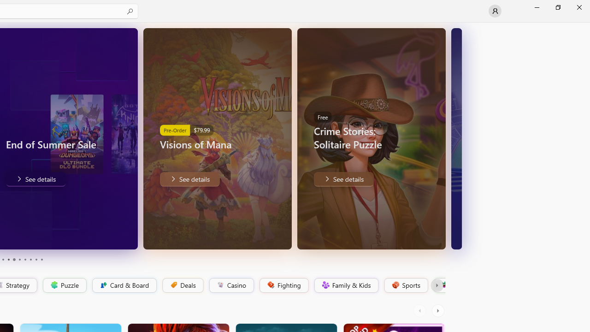 The width and height of the screenshot is (590, 332). What do you see at coordinates (557, 7) in the screenshot?
I see `'Restore Microsoft Store'` at bounding box center [557, 7].